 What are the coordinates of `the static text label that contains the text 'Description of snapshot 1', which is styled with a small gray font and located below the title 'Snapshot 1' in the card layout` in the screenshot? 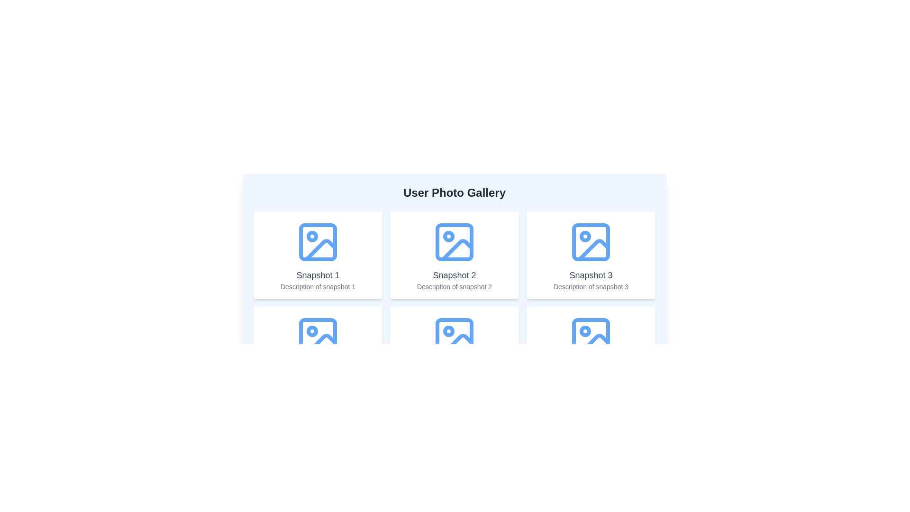 It's located at (318, 286).